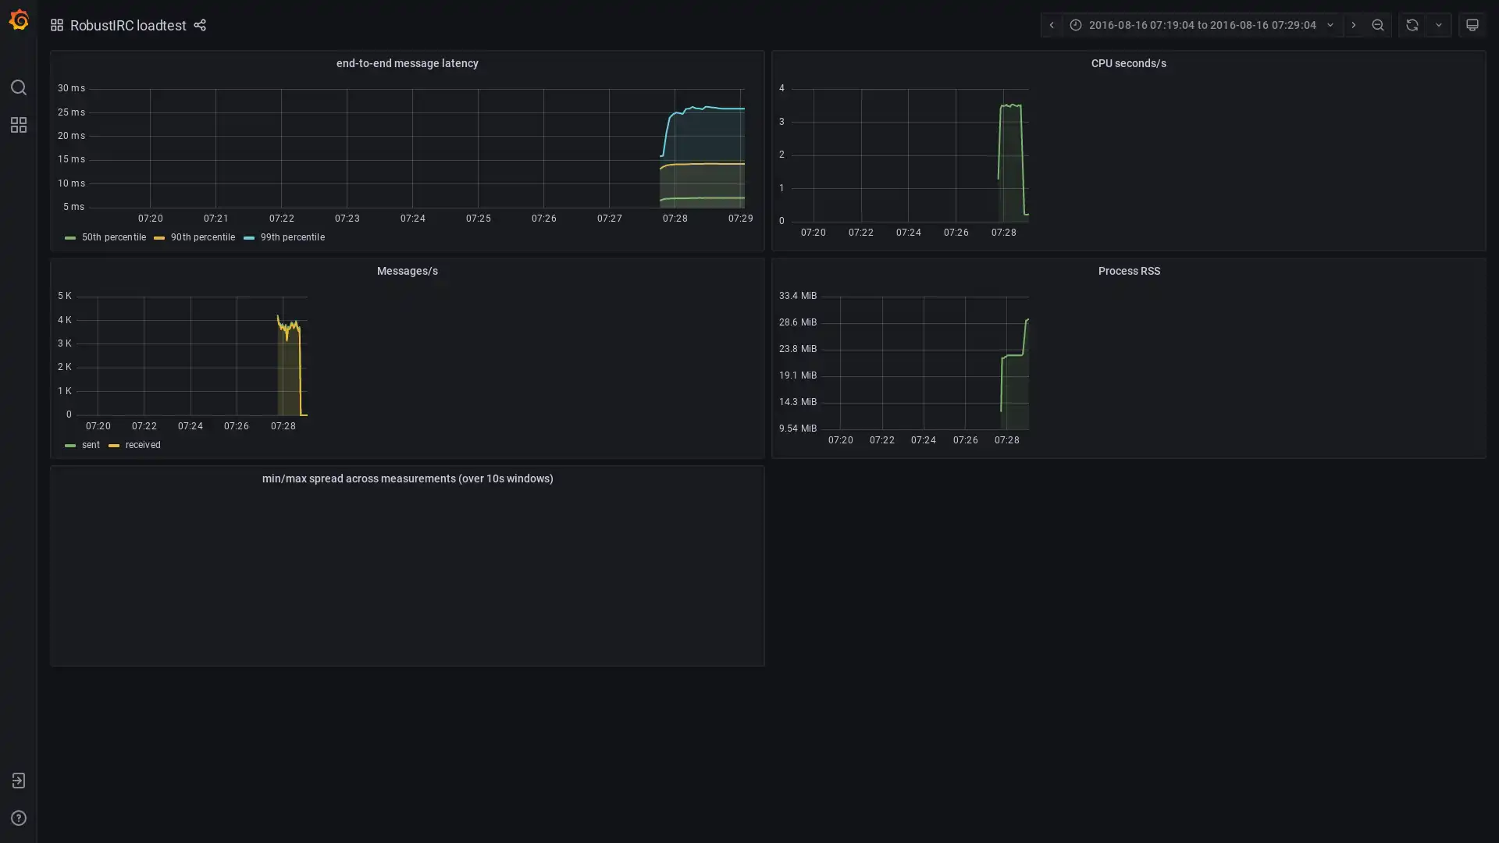 Image resolution: width=1499 pixels, height=843 pixels. Describe the element at coordinates (1050, 24) in the screenshot. I see `Move time range backwards` at that location.